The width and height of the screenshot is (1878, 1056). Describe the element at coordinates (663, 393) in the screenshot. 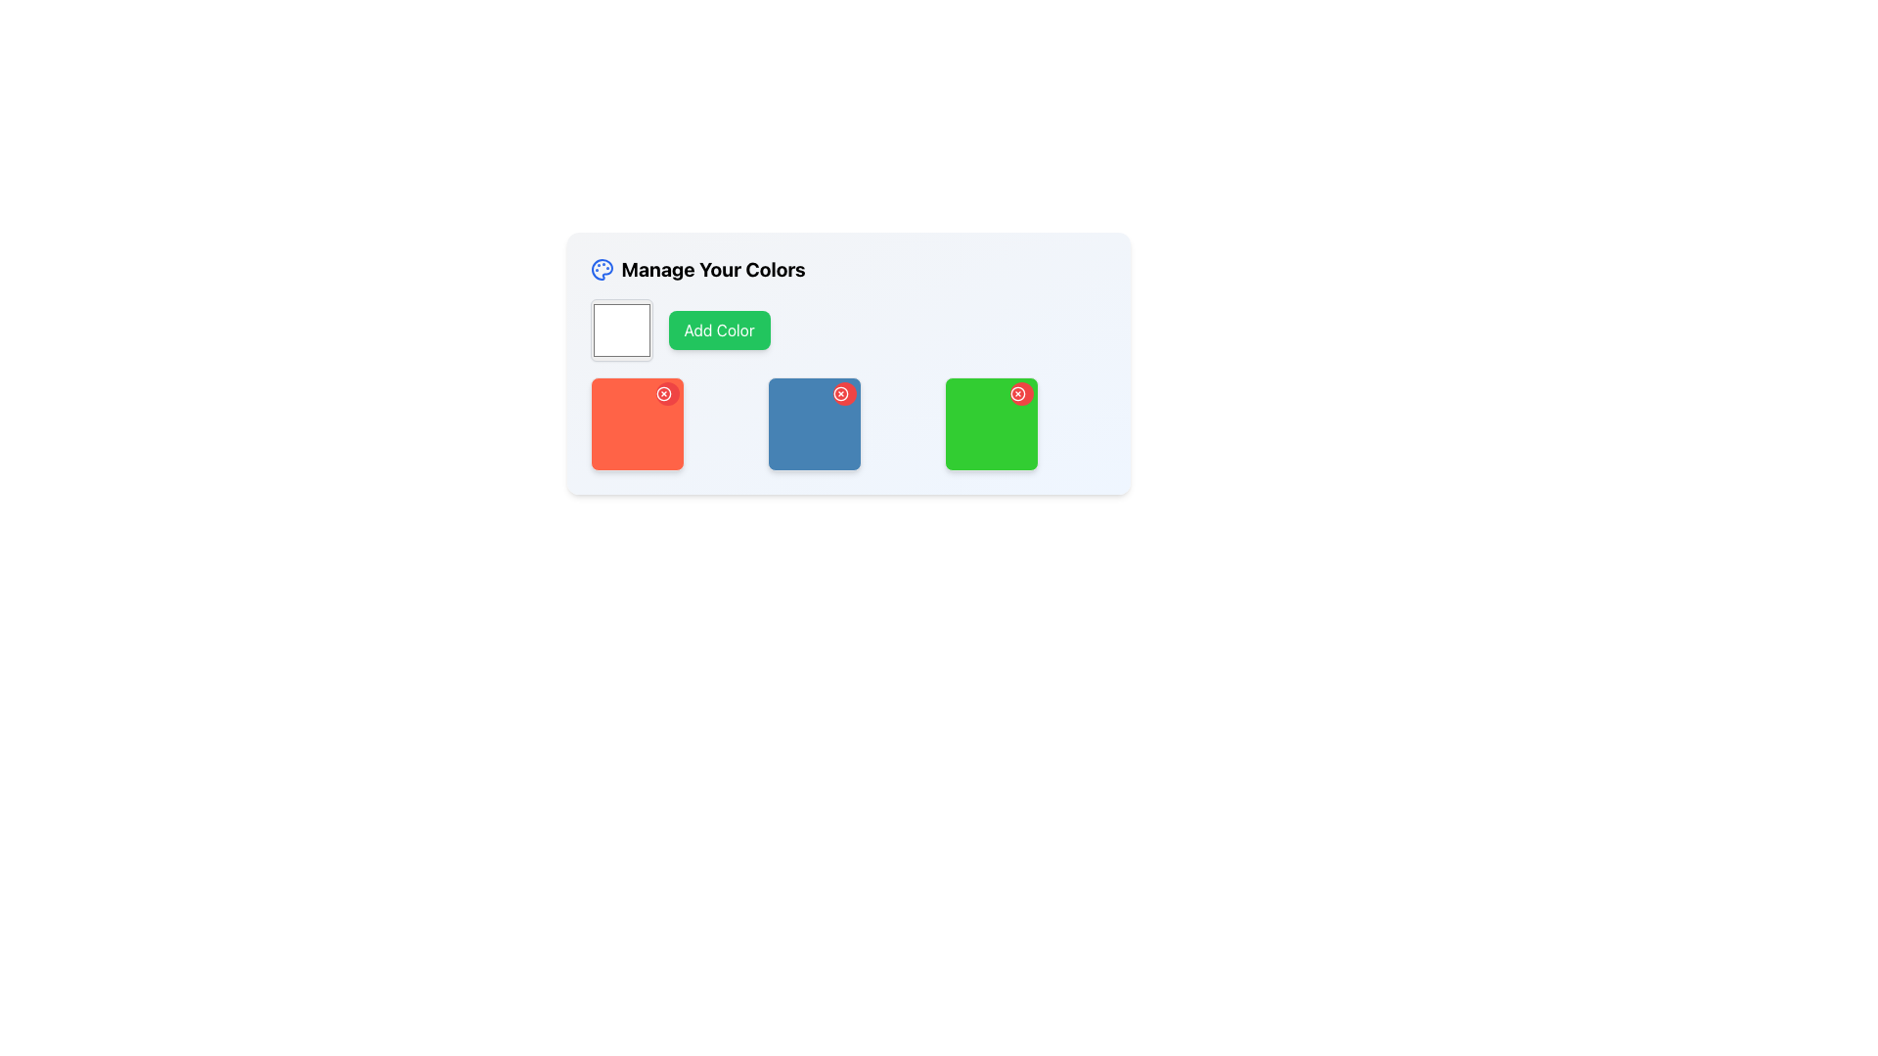

I see `the circular red-outlined icon located at the top-right corner of the first red-colored square tile in the 'Manage Your Colors' section to interact with it` at that location.